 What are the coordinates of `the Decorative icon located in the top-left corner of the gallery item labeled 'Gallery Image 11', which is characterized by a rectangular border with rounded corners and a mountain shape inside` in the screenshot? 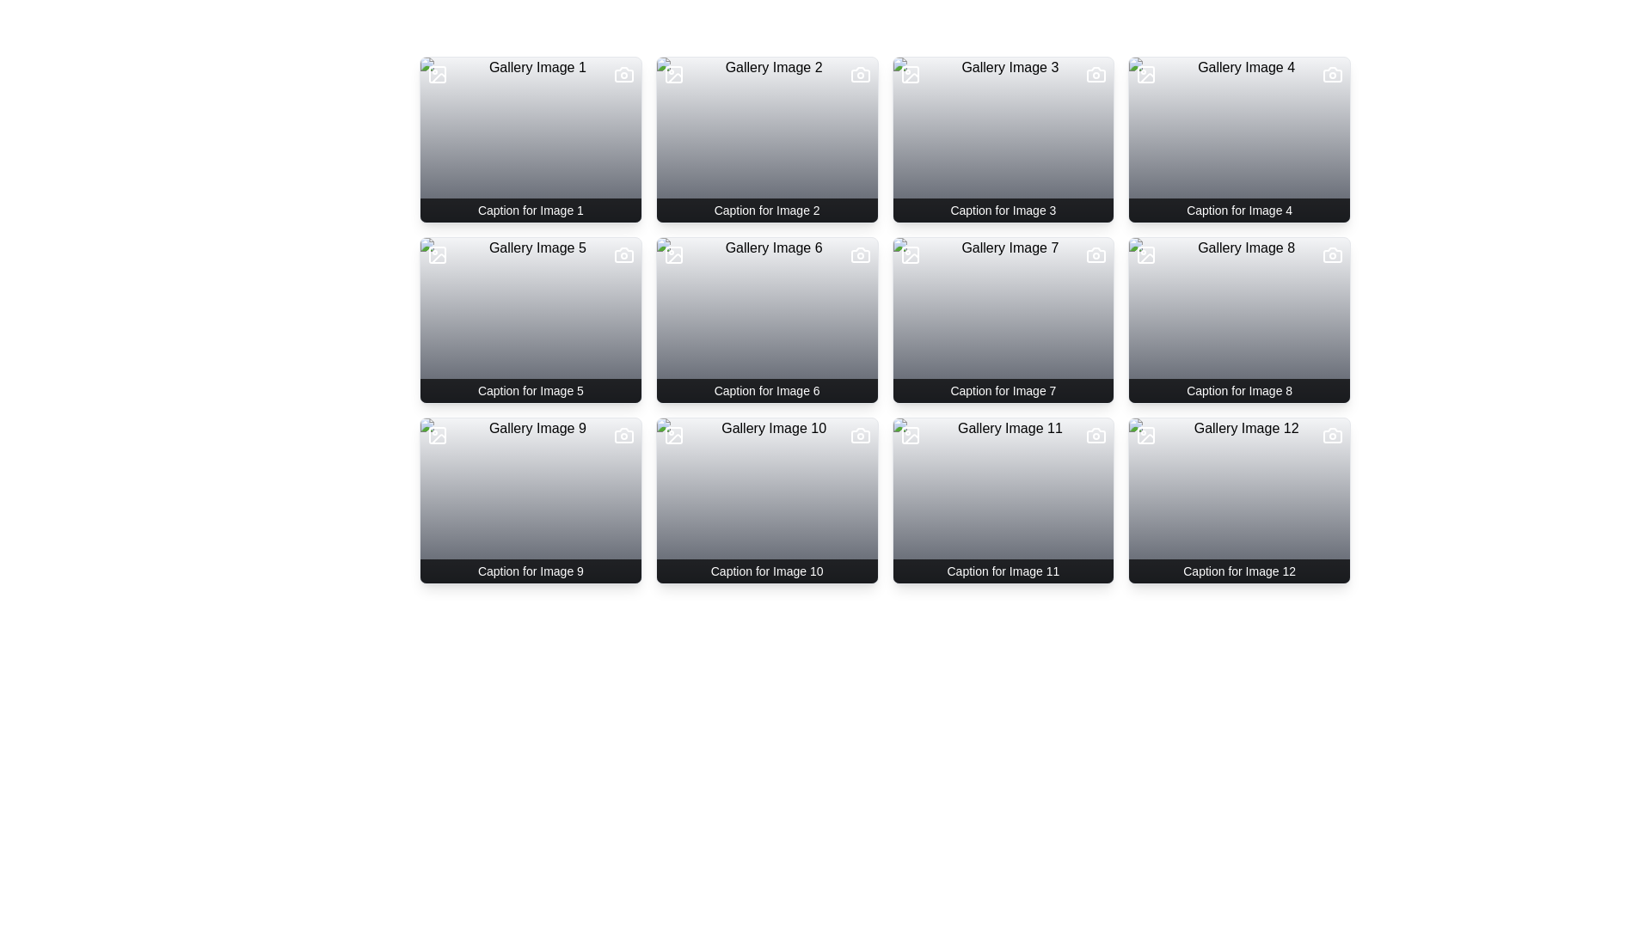 It's located at (909, 434).